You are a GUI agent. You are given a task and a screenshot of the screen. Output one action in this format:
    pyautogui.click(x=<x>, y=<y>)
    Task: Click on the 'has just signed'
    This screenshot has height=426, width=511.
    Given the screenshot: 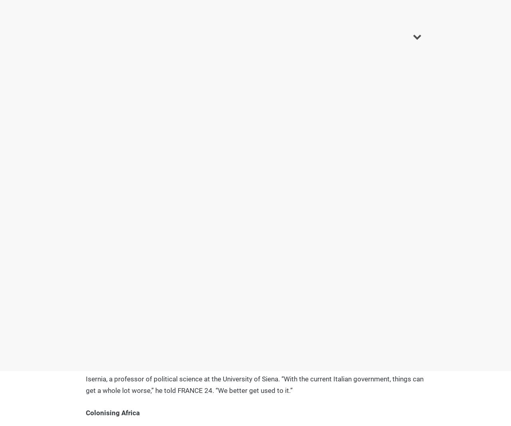 What is the action you would take?
    pyautogui.click(x=220, y=310)
    